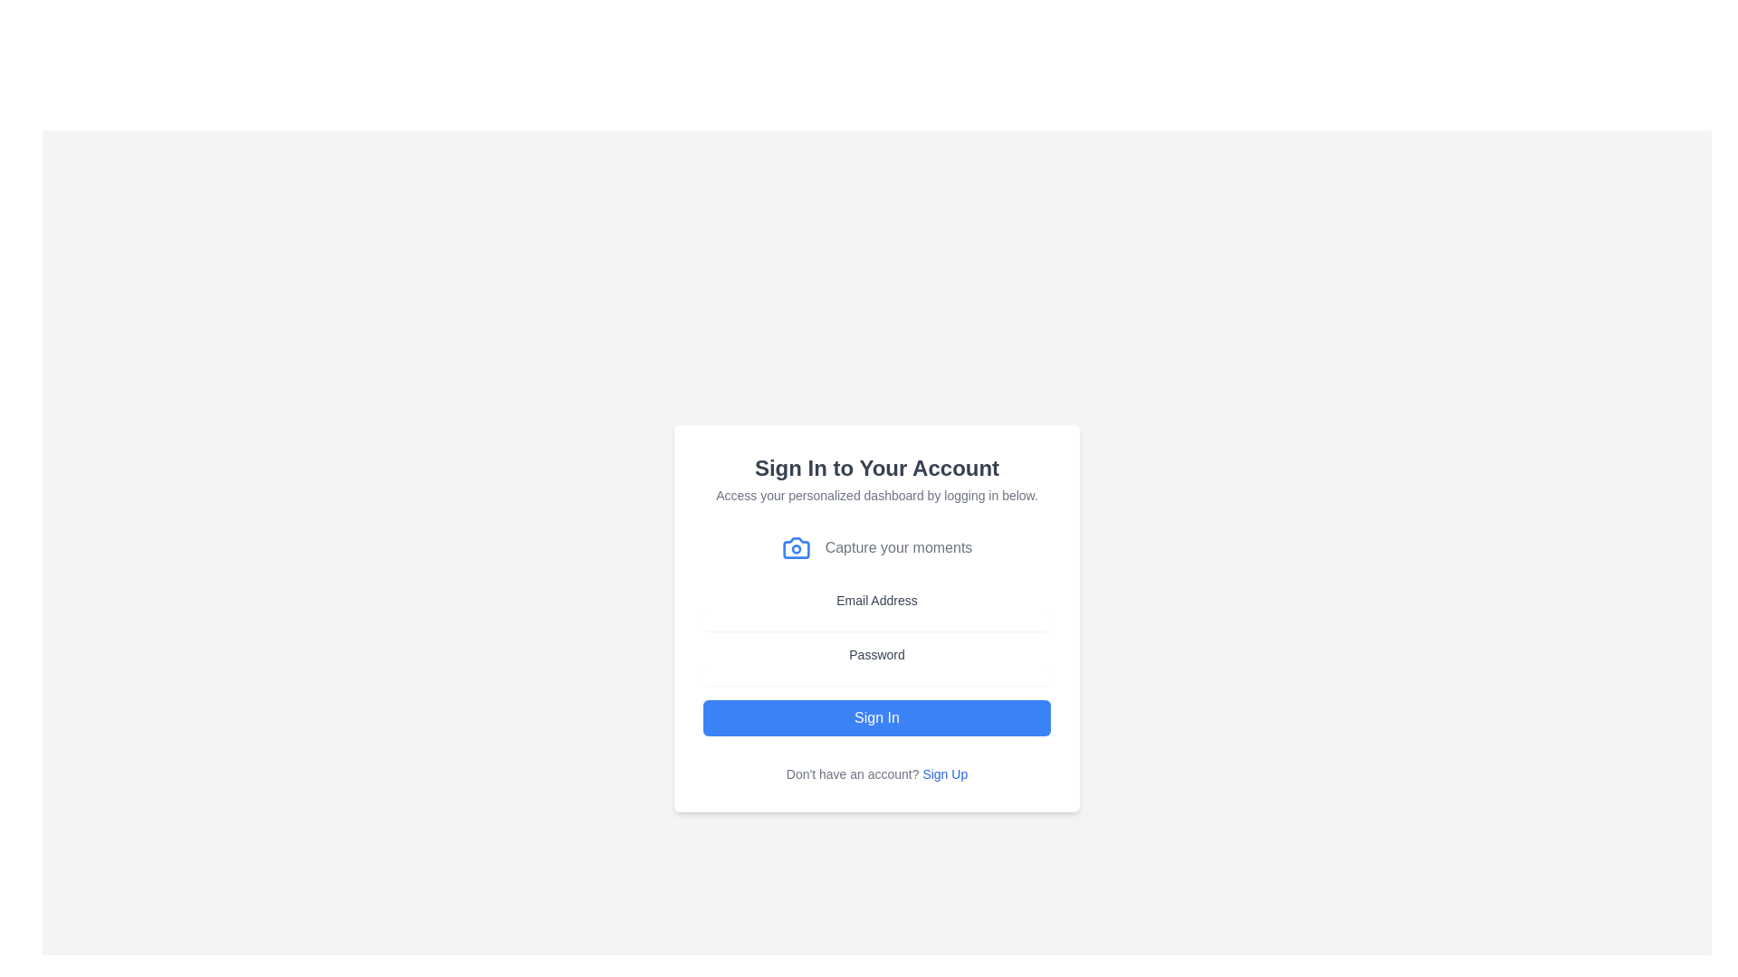  I want to click on the Header Text that informs users about signing in to their account, positioned at the top of a centered card layout, so click(877, 467).